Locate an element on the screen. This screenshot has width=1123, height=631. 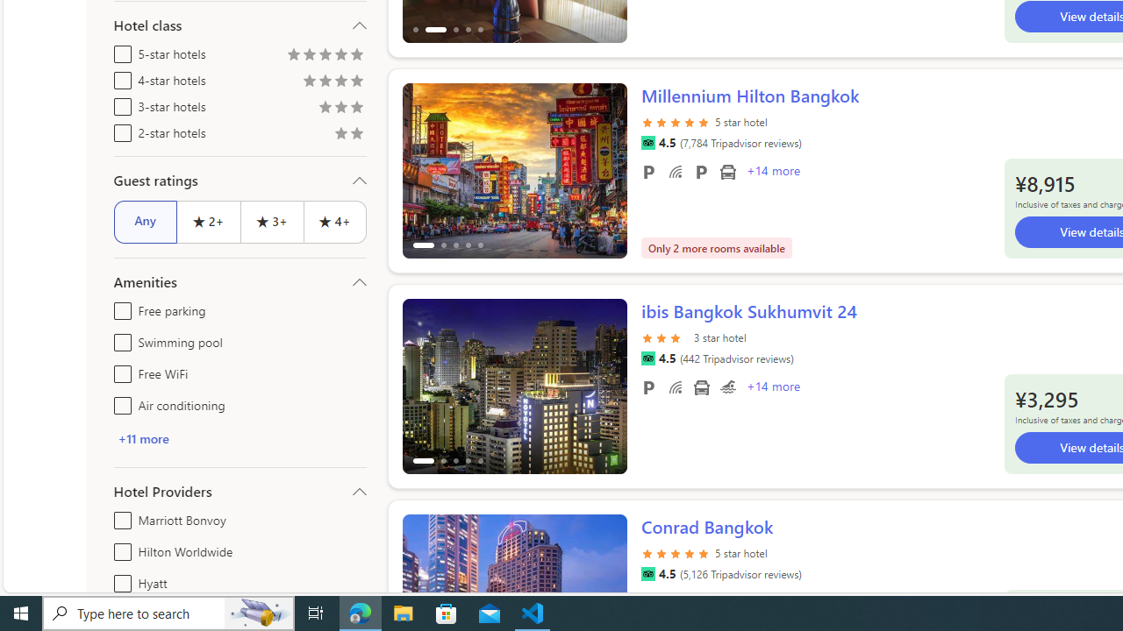
'Swimming pool' is located at coordinates (118, 339).